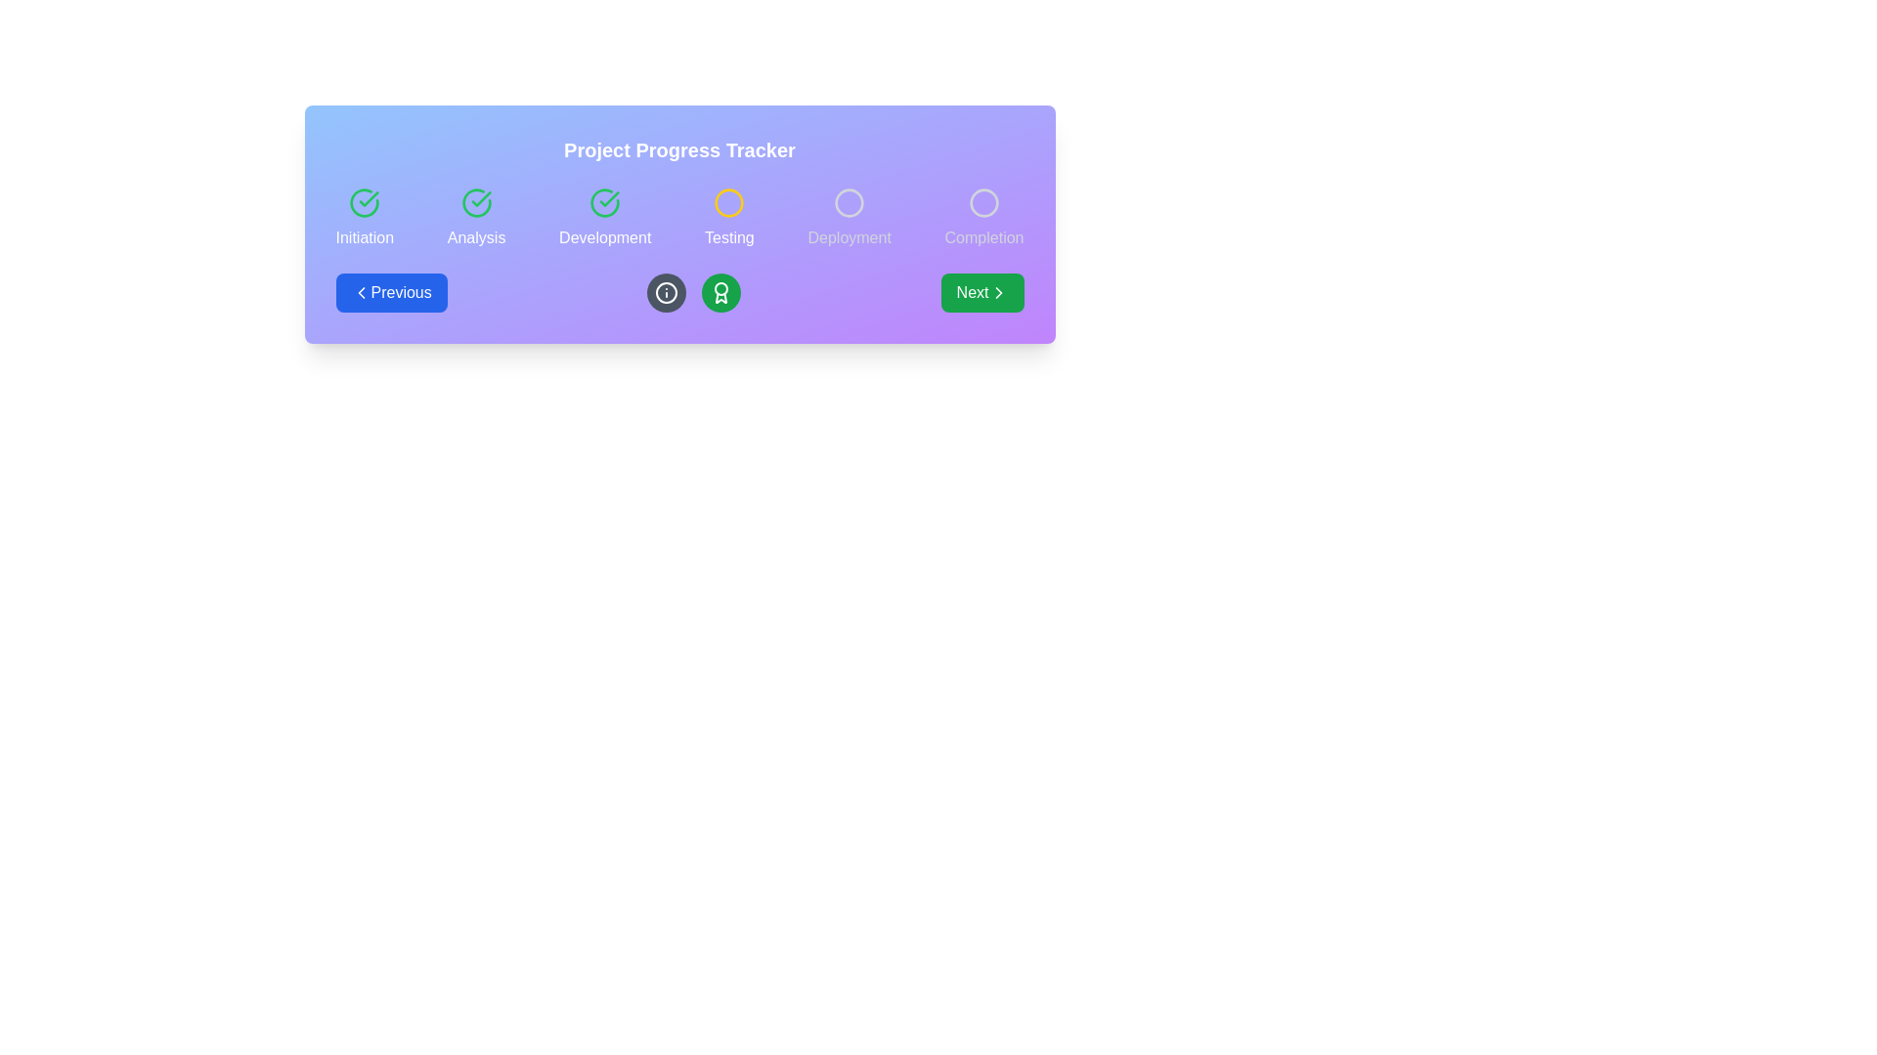  What do you see at coordinates (694, 293) in the screenshot?
I see `the green circular button with a white award ribbon icon, located centrally in the interface under the 'Testing' phase circle in the 'Project Progress Tracker' bar` at bounding box center [694, 293].